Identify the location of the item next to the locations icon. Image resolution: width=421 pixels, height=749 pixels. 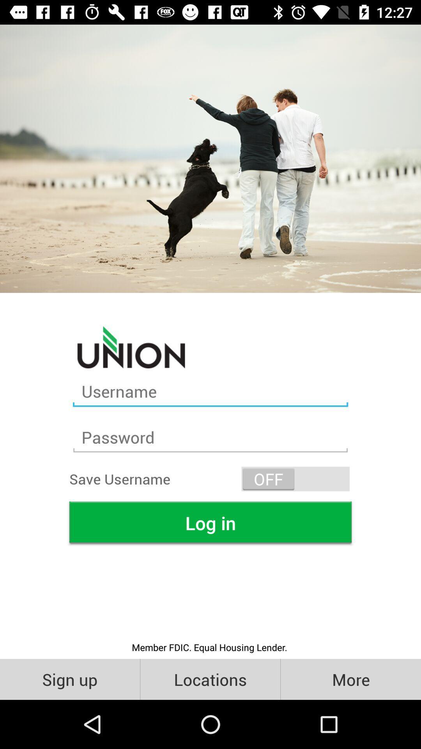
(350, 679).